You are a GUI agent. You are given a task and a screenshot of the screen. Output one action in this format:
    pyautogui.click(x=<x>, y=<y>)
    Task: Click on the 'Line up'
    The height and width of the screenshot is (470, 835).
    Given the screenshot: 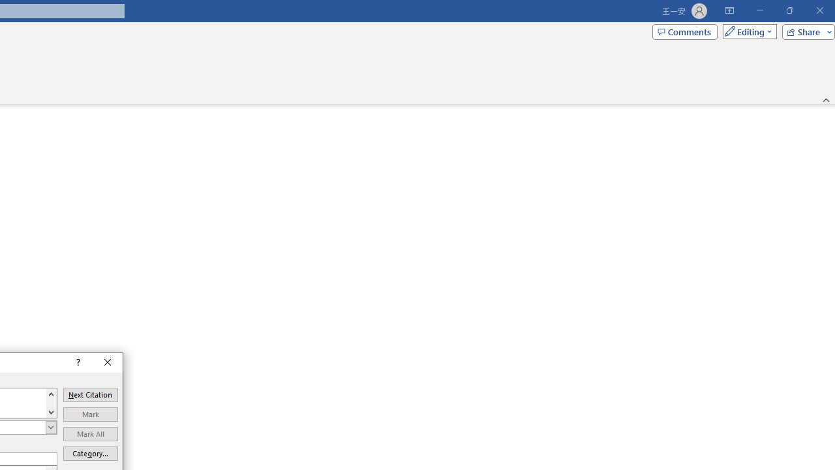 What is the action you would take?
    pyautogui.click(x=51, y=393)
    